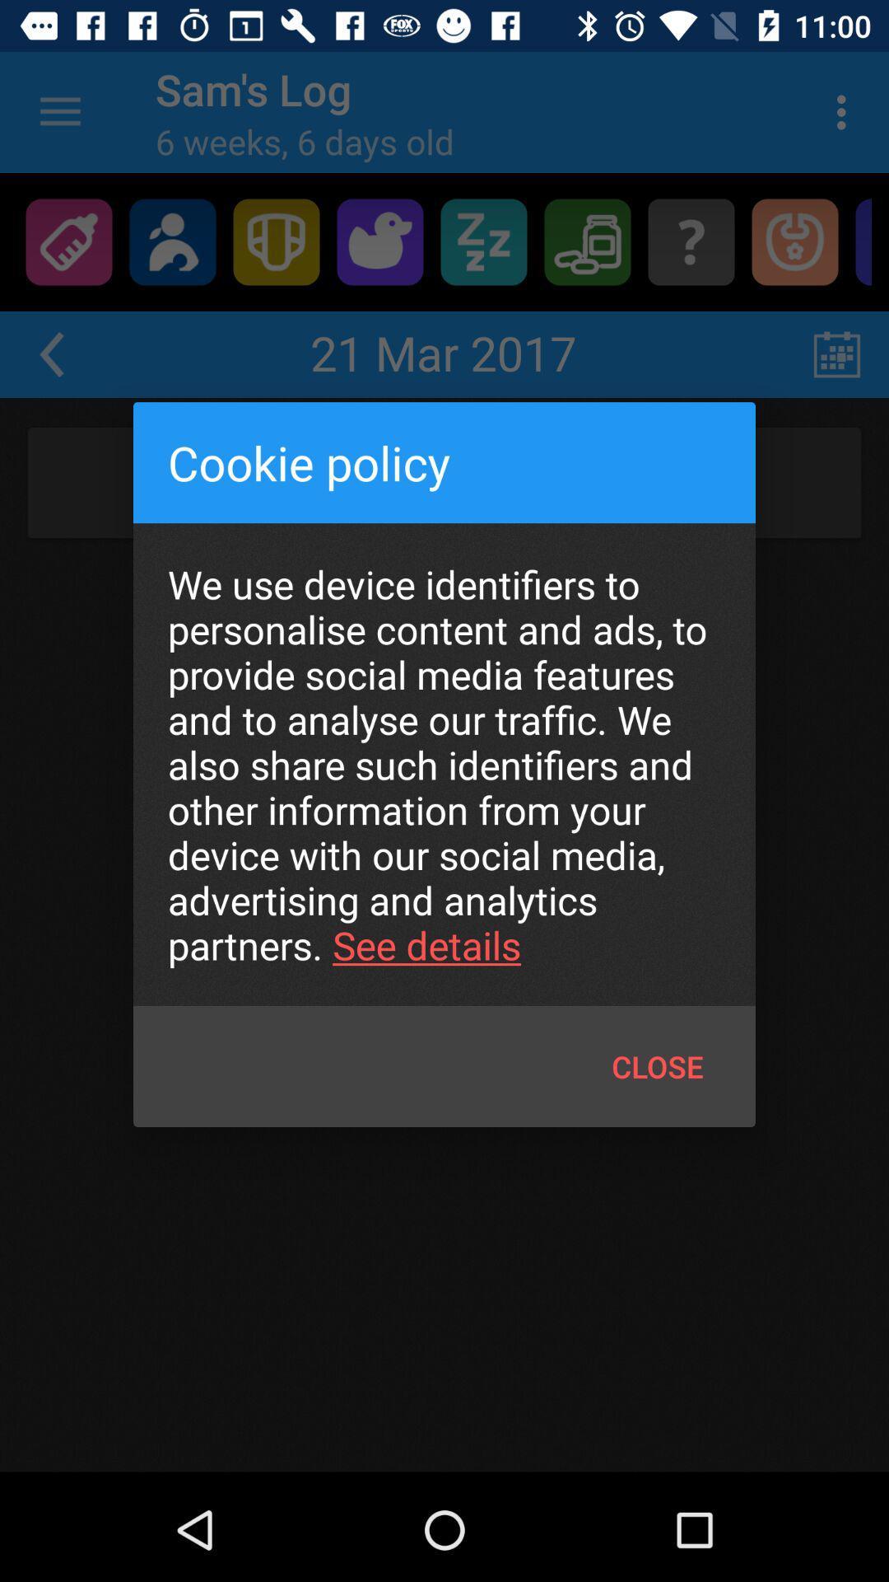 The height and width of the screenshot is (1582, 889). I want to click on item at the center, so click(444, 764).